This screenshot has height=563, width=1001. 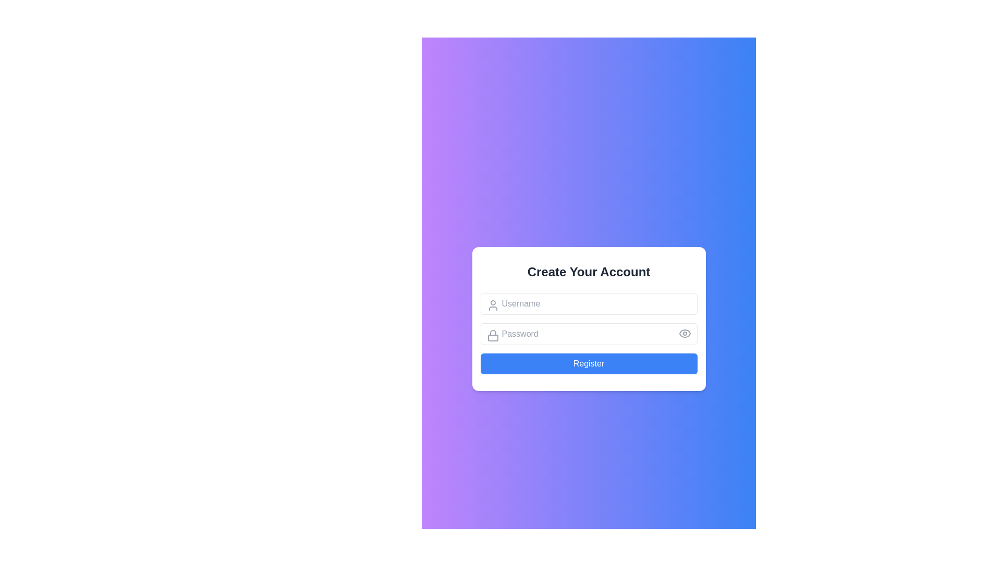 I want to click on the decorative password icon located at the start of the password input field, which enhances usability by providing visual context, so click(x=492, y=336).